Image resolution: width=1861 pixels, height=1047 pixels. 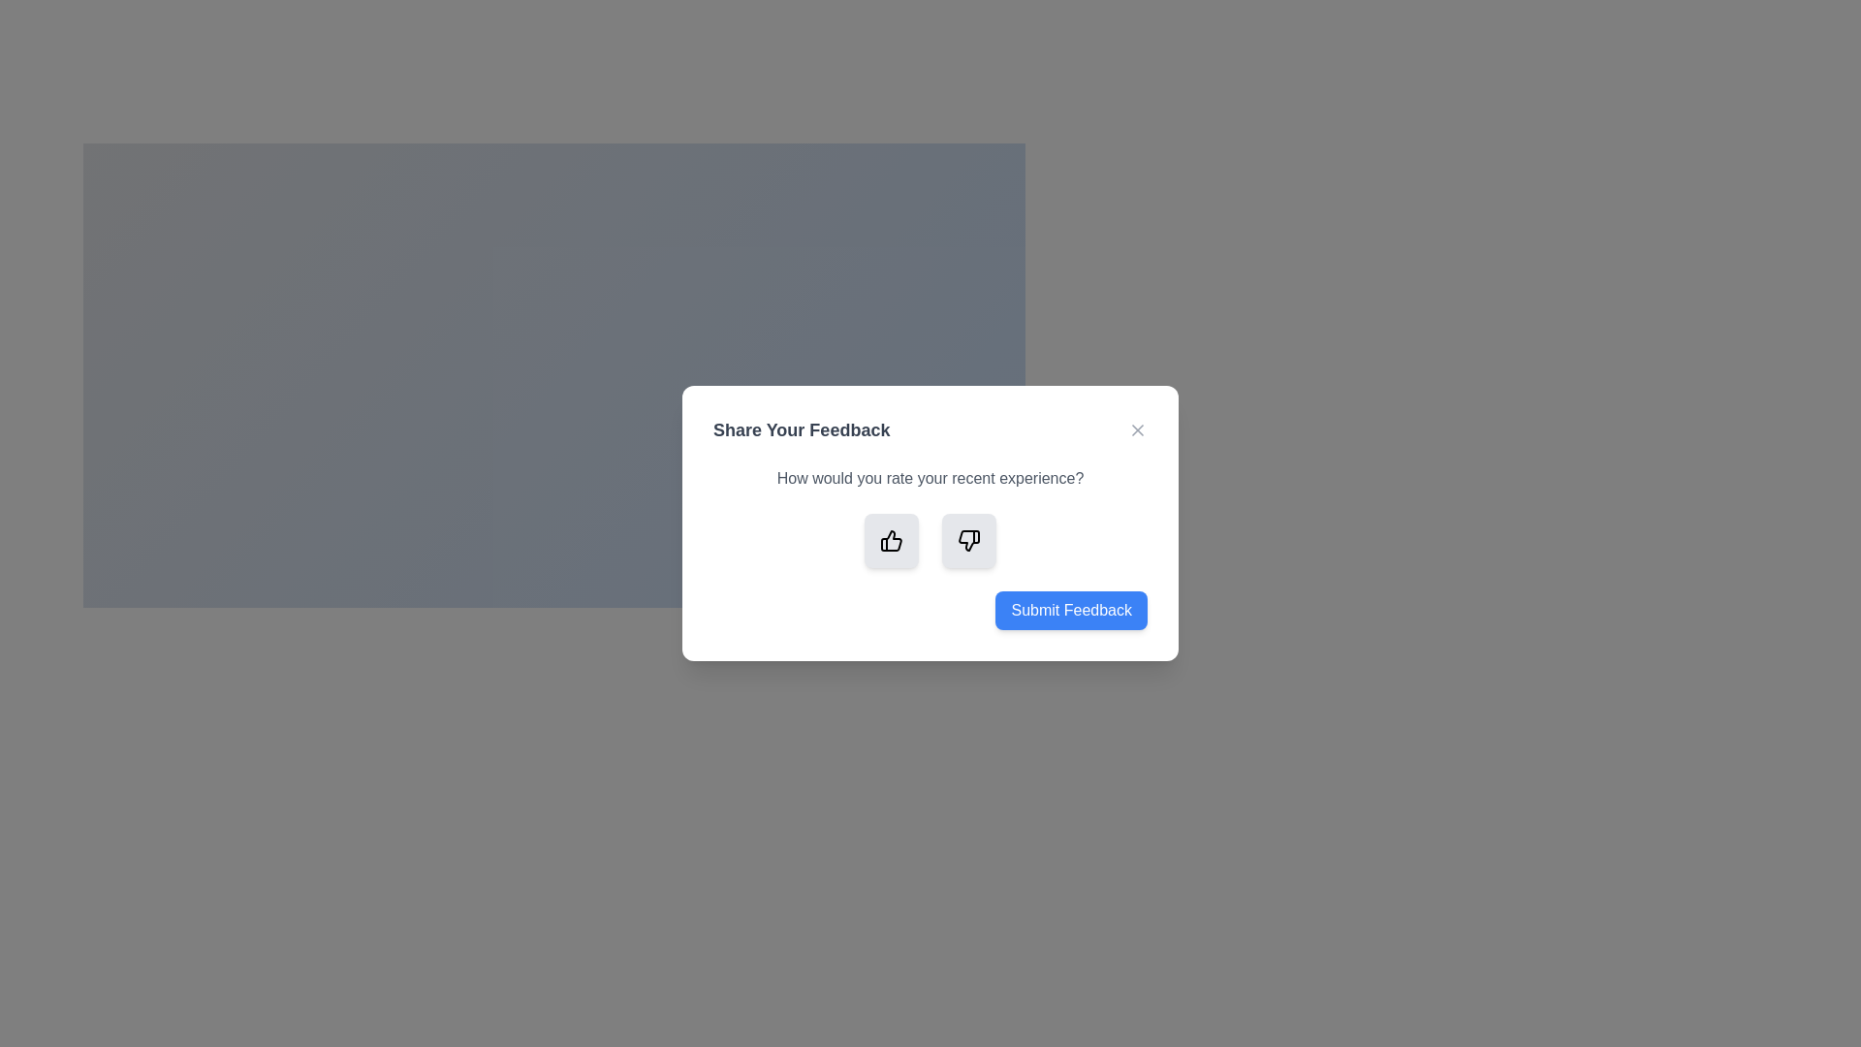 What do you see at coordinates (1138, 428) in the screenshot?
I see `the close button located in the top-right corner of the 'Share Your Feedback' modal header` at bounding box center [1138, 428].